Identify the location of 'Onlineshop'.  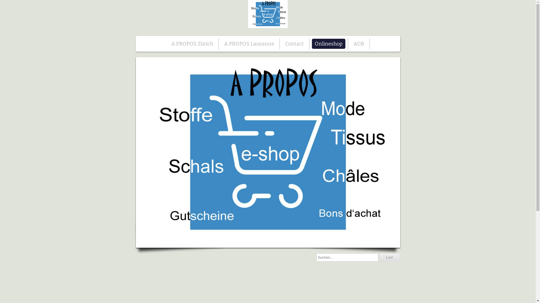
(328, 43).